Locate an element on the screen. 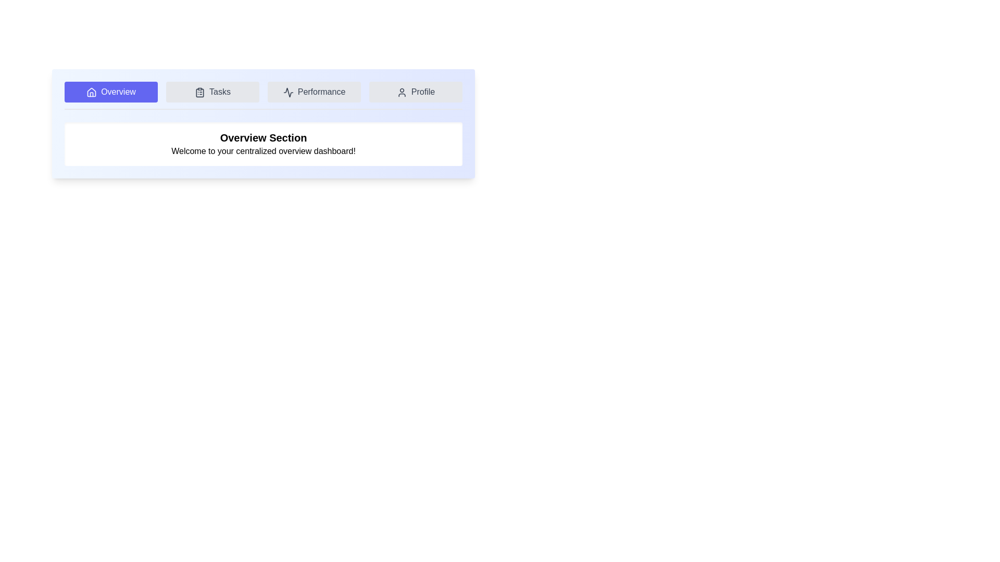 The image size is (1000, 562). the 'Overview' icon, which visually represents a house and is located in the top-left corner of the navigation bar, above the text 'Overview' is located at coordinates (92, 92).